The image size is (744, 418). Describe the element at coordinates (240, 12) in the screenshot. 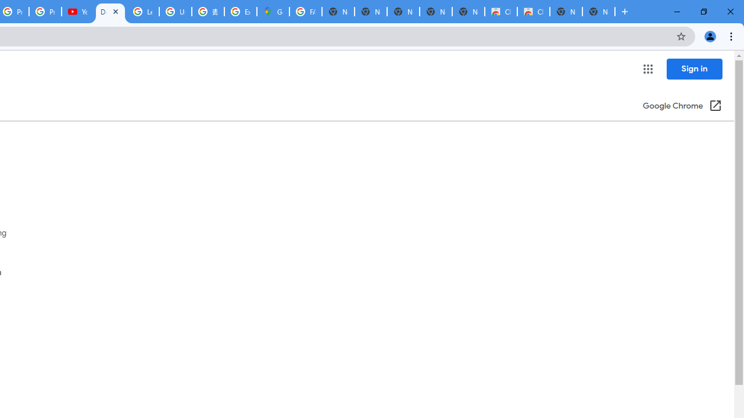

I see `'Explore new street-level details - Google Maps Help'` at that location.